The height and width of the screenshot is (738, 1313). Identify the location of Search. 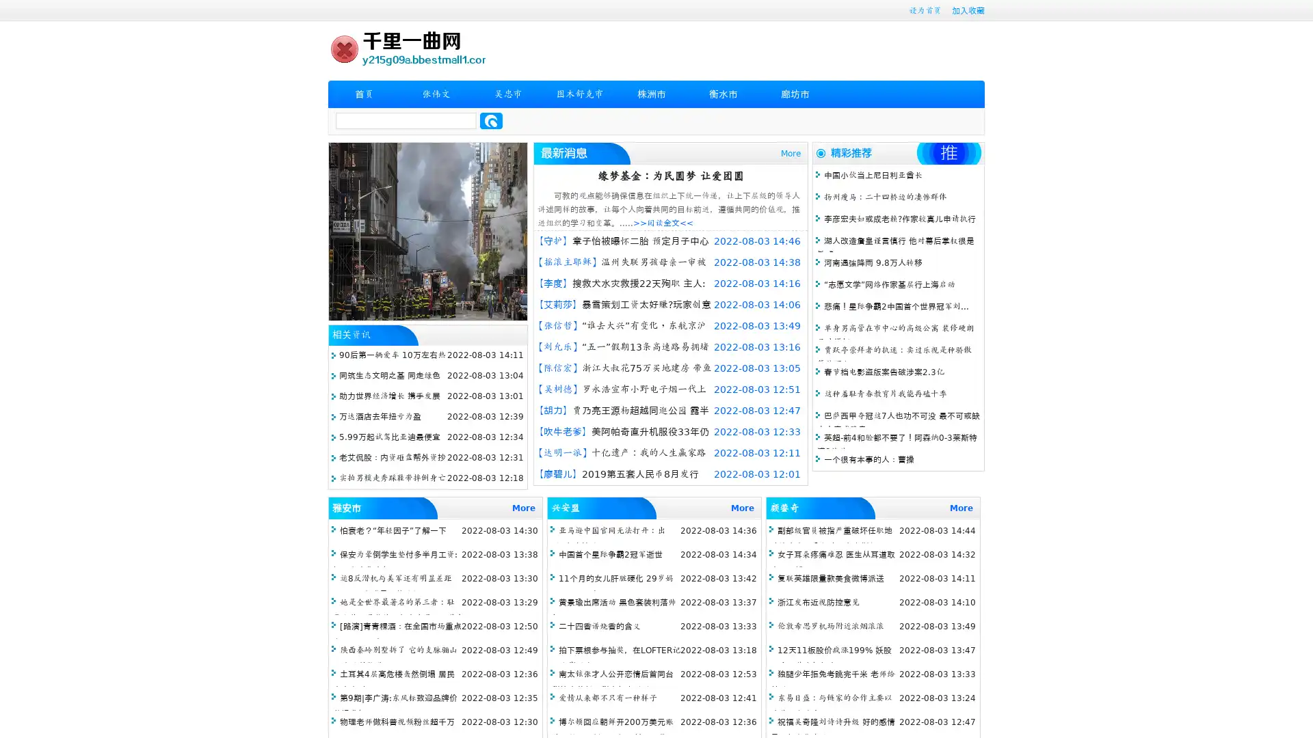
(491, 120).